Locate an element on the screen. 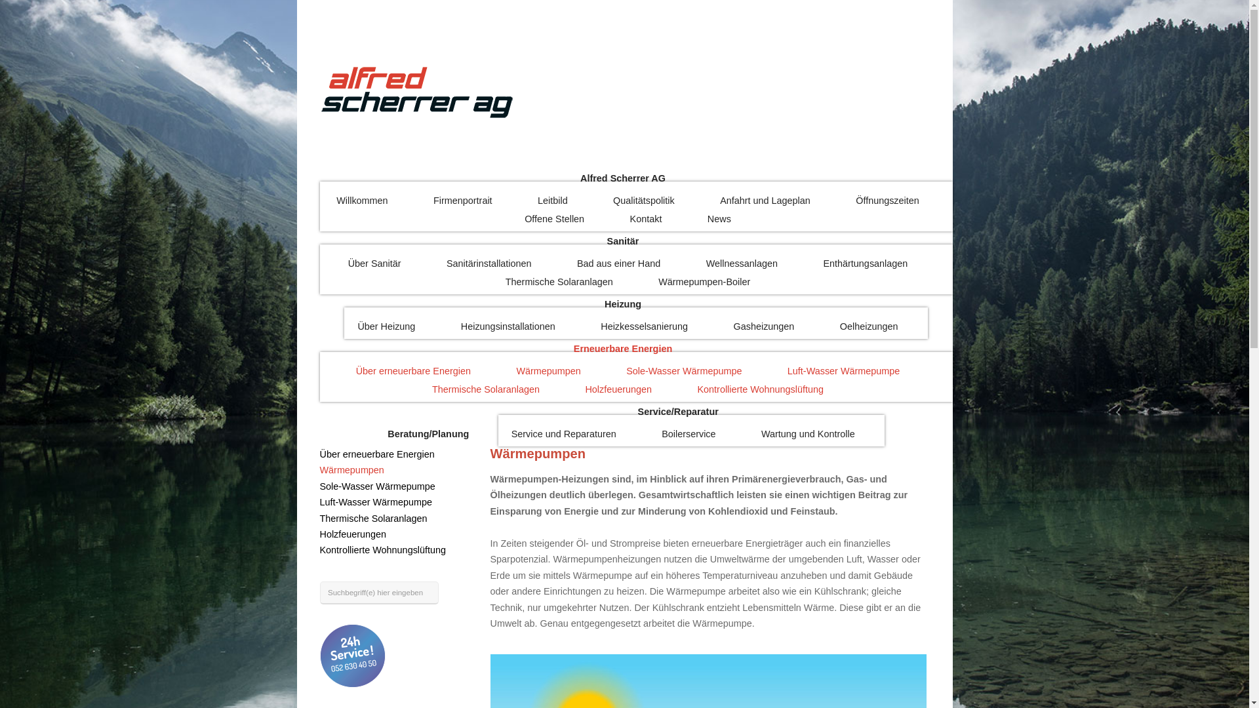 This screenshot has height=708, width=1259. 'Wellnessanlagen' is located at coordinates (742, 266).